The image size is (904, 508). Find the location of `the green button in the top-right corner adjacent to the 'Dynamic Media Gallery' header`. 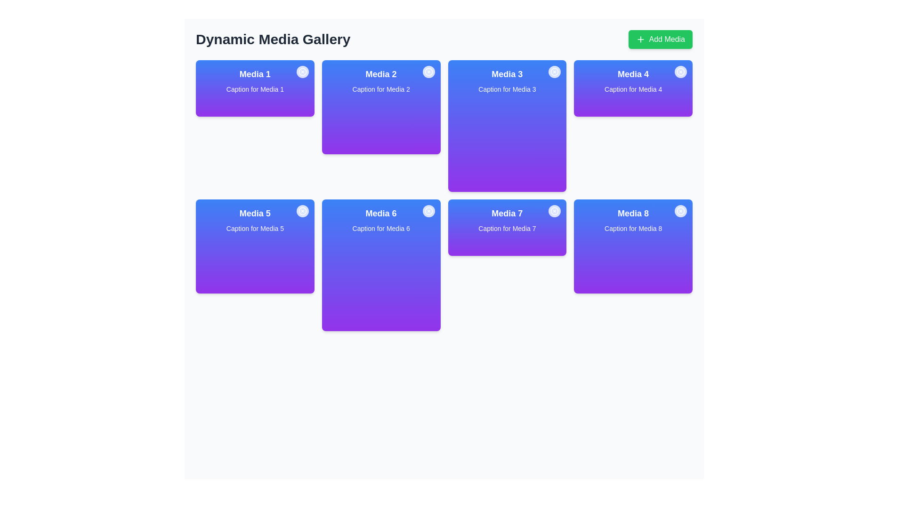

the green button in the top-right corner adjacent to the 'Dynamic Media Gallery' header is located at coordinates (660, 39).